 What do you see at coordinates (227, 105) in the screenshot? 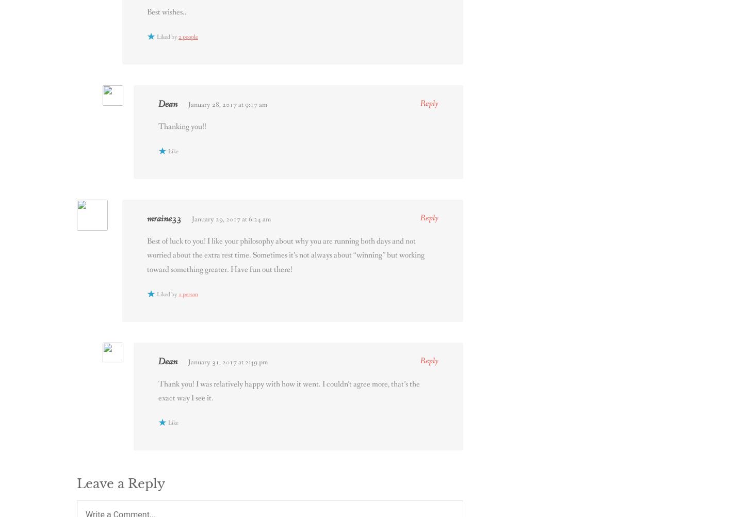
I see `'January 28, 2017 at 9:17 am'` at bounding box center [227, 105].